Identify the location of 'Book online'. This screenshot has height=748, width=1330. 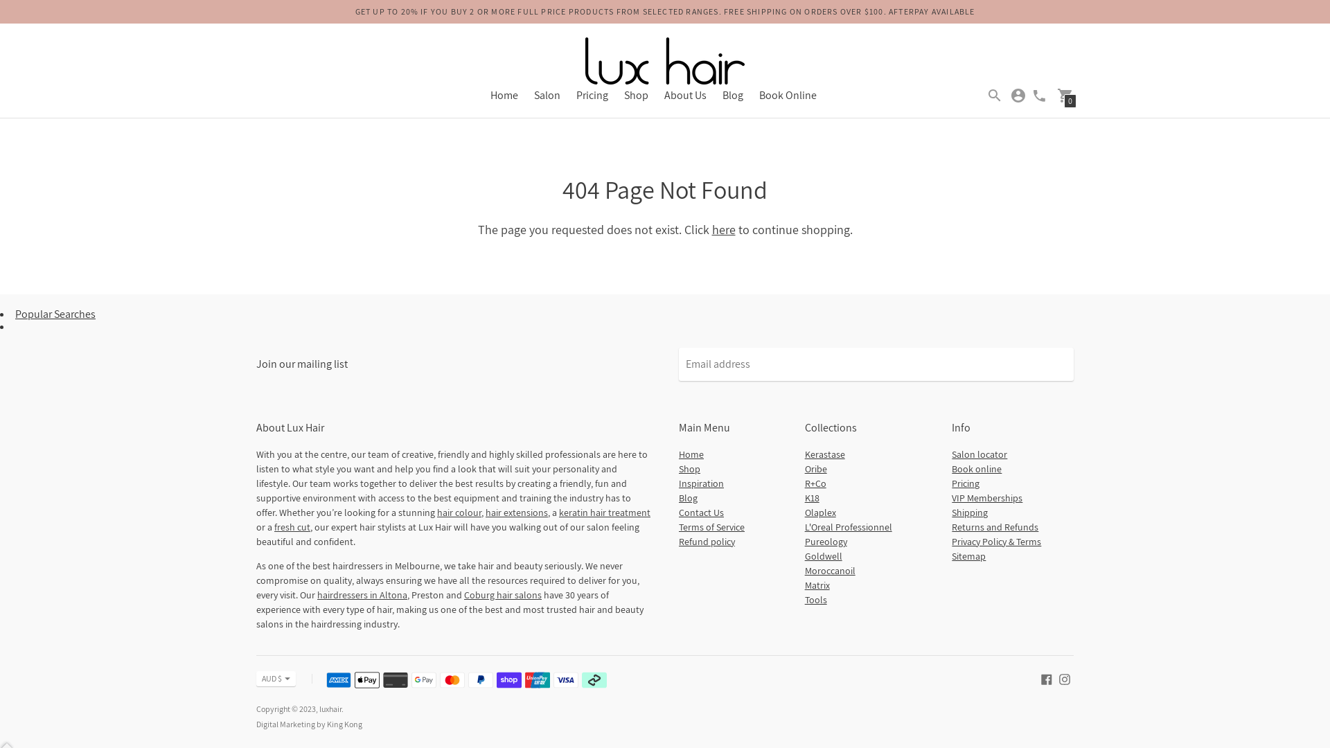
(976, 468).